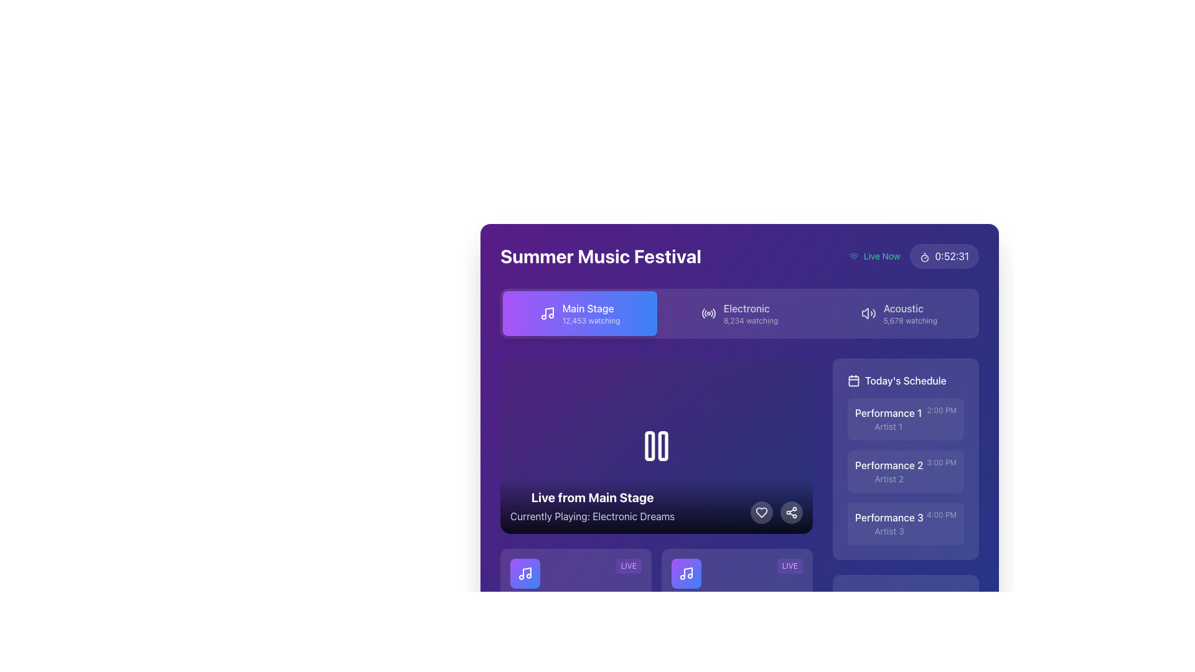 This screenshot has width=1195, height=672. Describe the element at coordinates (525, 573) in the screenshot. I see `the music note icon located in the bottom left section of the grid` at that location.